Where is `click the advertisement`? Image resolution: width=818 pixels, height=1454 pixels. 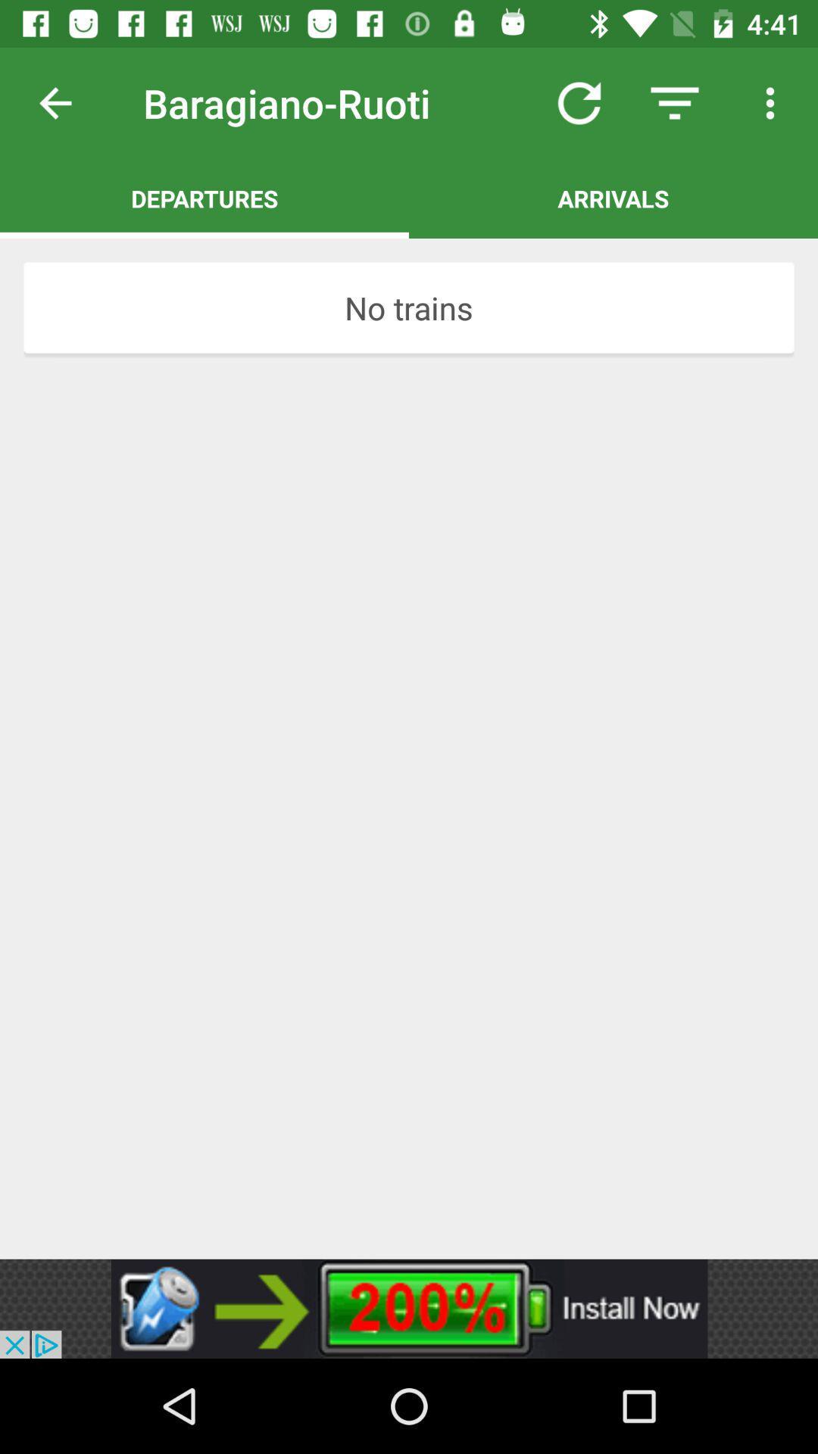 click the advertisement is located at coordinates (409, 1308).